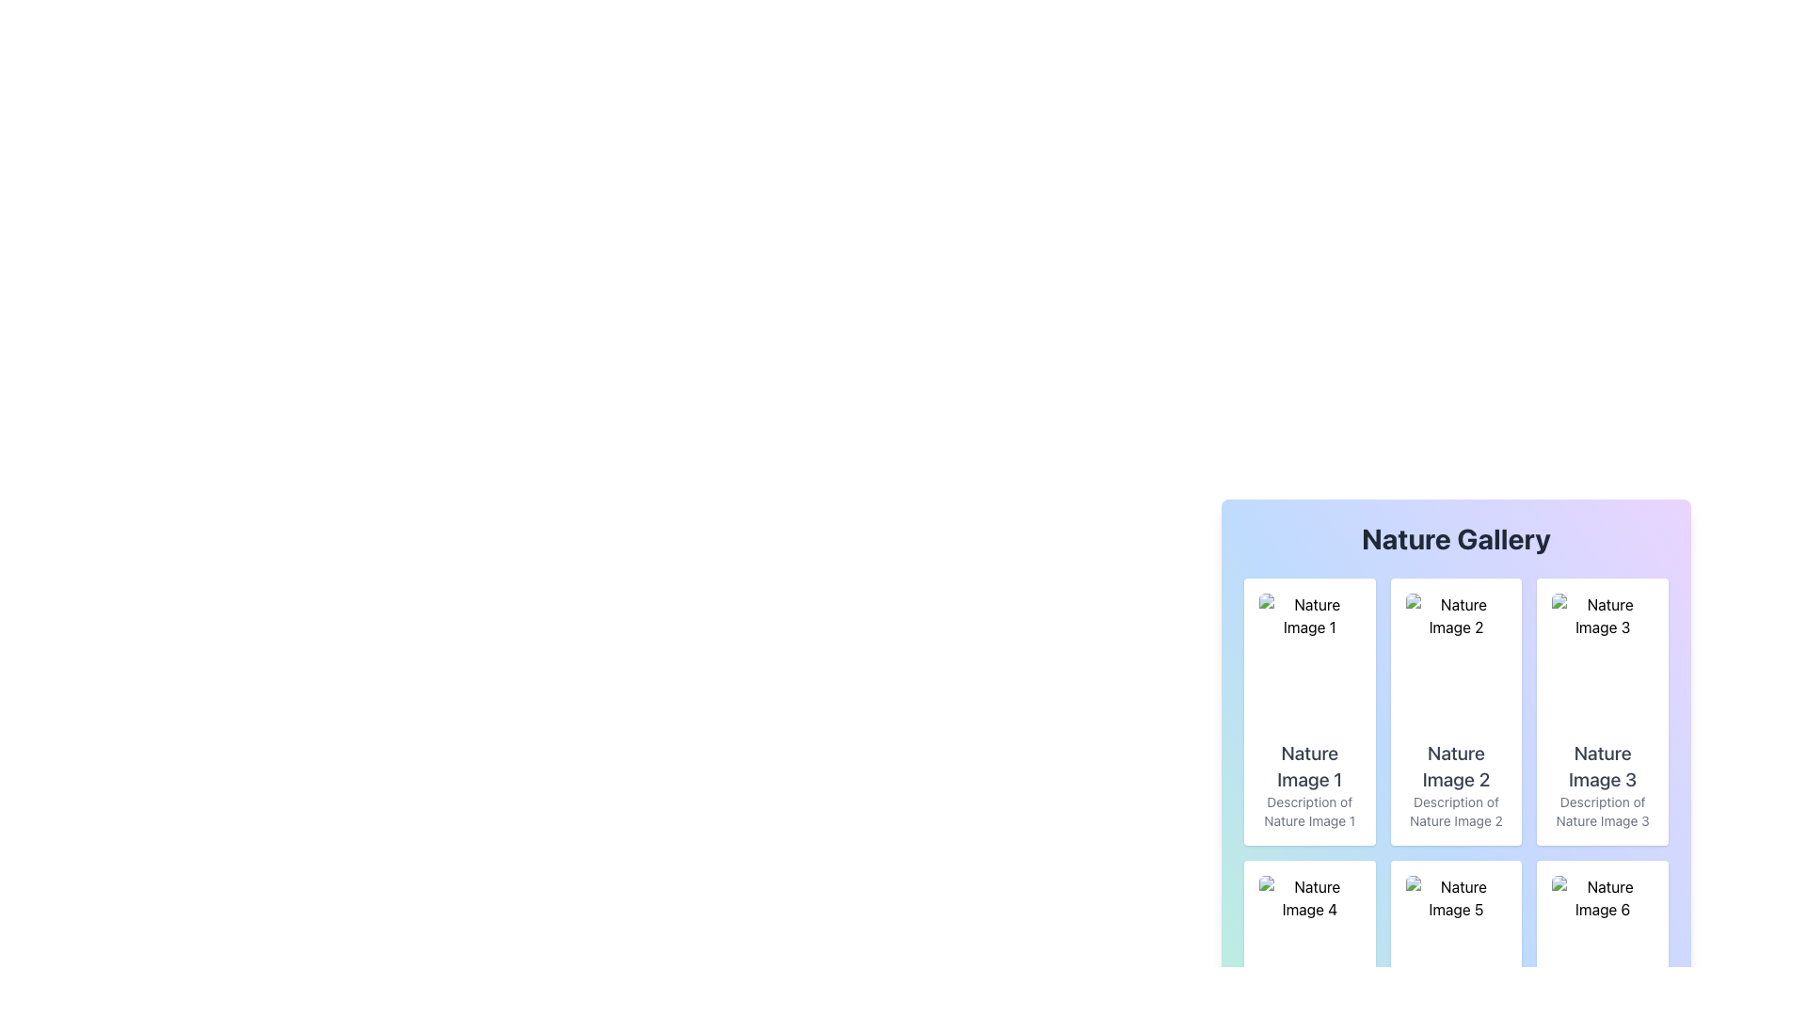  I want to click on the first card in the top row of the grid under 'Nature Gallery' that contains a placeholder image labeled 'Nature Image 1', so click(1308, 711).